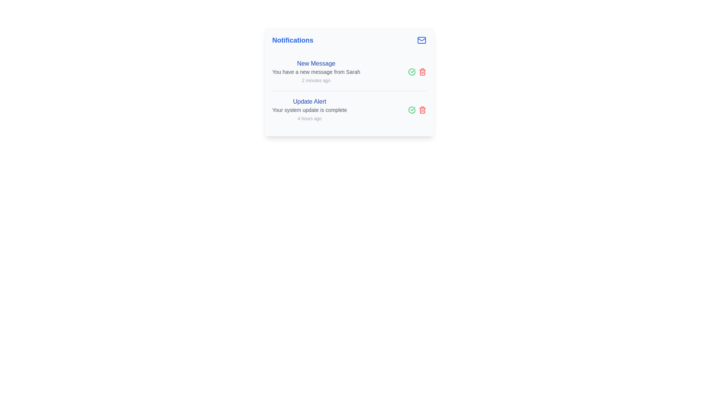 This screenshot has height=407, width=725. What do you see at coordinates (310, 110) in the screenshot?
I see `the Textual Notification Block indicating a completed system update, located in the Notifications section below the New Message notification` at bounding box center [310, 110].